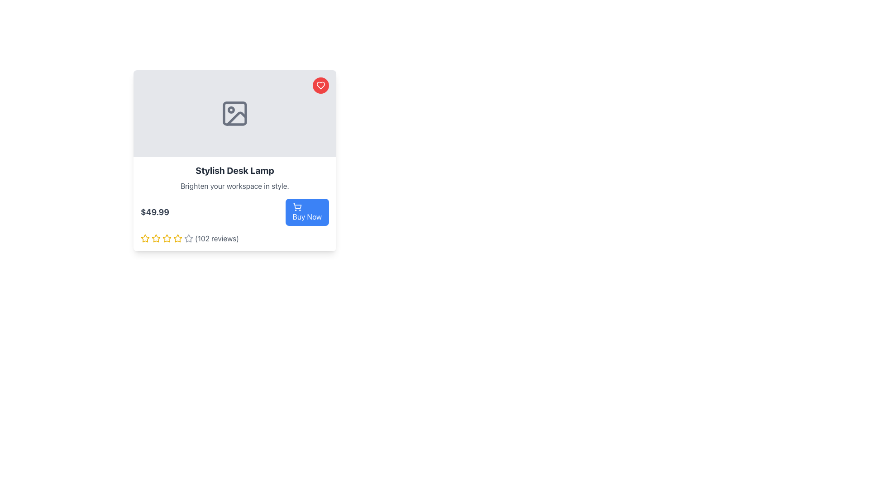 The height and width of the screenshot is (489, 869). What do you see at coordinates (188, 238) in the screenshot?
I see `the sixth star-shaped icon with a gray outline in the rating system, located to the left of '(102 reviews)'` at bounding box center [188, 238].